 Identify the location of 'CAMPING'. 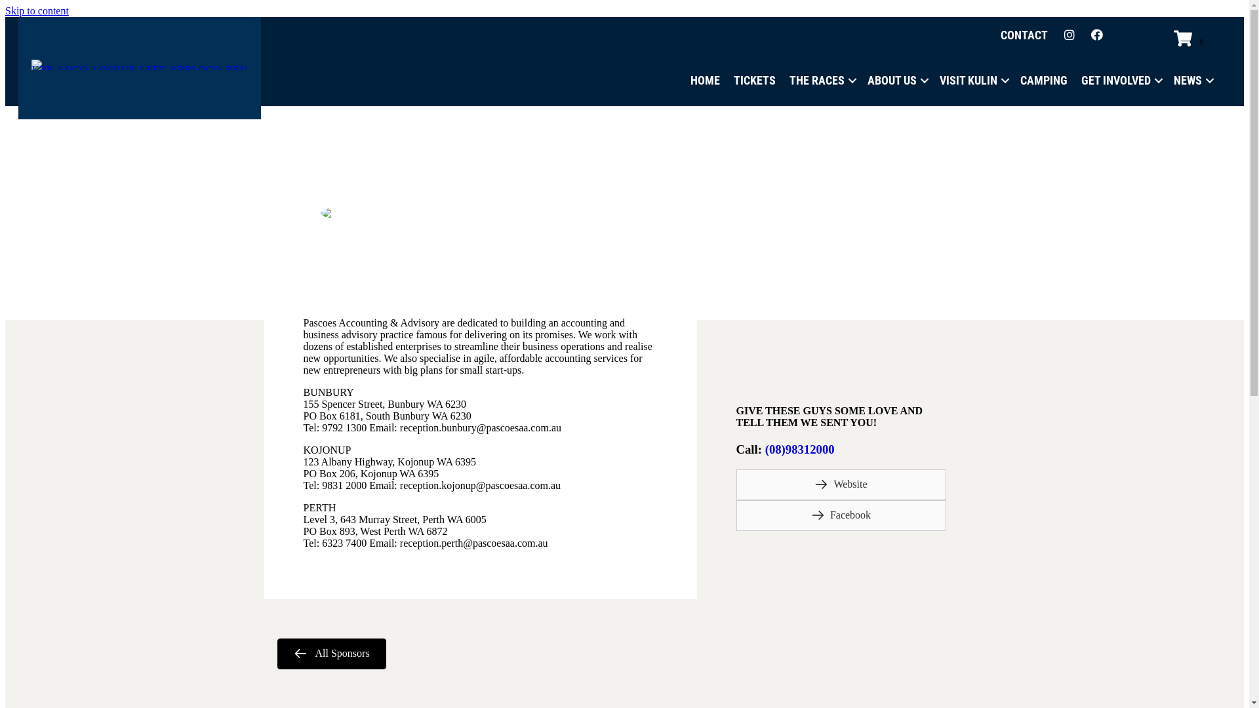
(1043, 81).